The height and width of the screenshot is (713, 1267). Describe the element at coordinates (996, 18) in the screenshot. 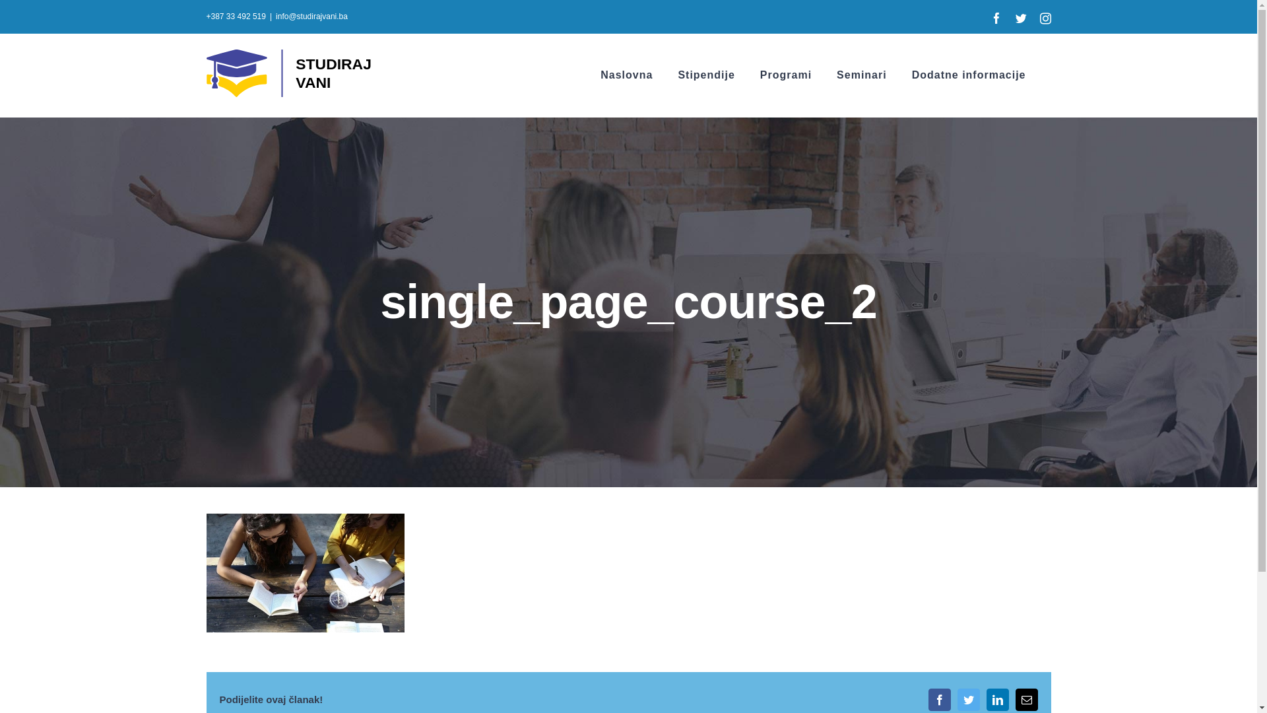

I see `'Facebook'` at that location.